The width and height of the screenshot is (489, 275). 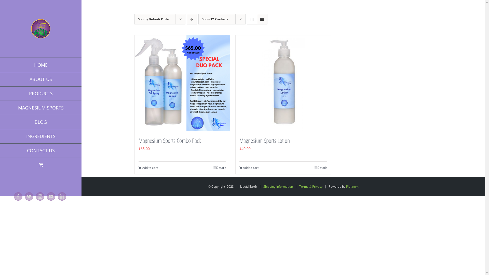 What do you see at coordinates (40, 196) in the screenshot?
I see `'Instagram'` at bounding box center [40, 196].